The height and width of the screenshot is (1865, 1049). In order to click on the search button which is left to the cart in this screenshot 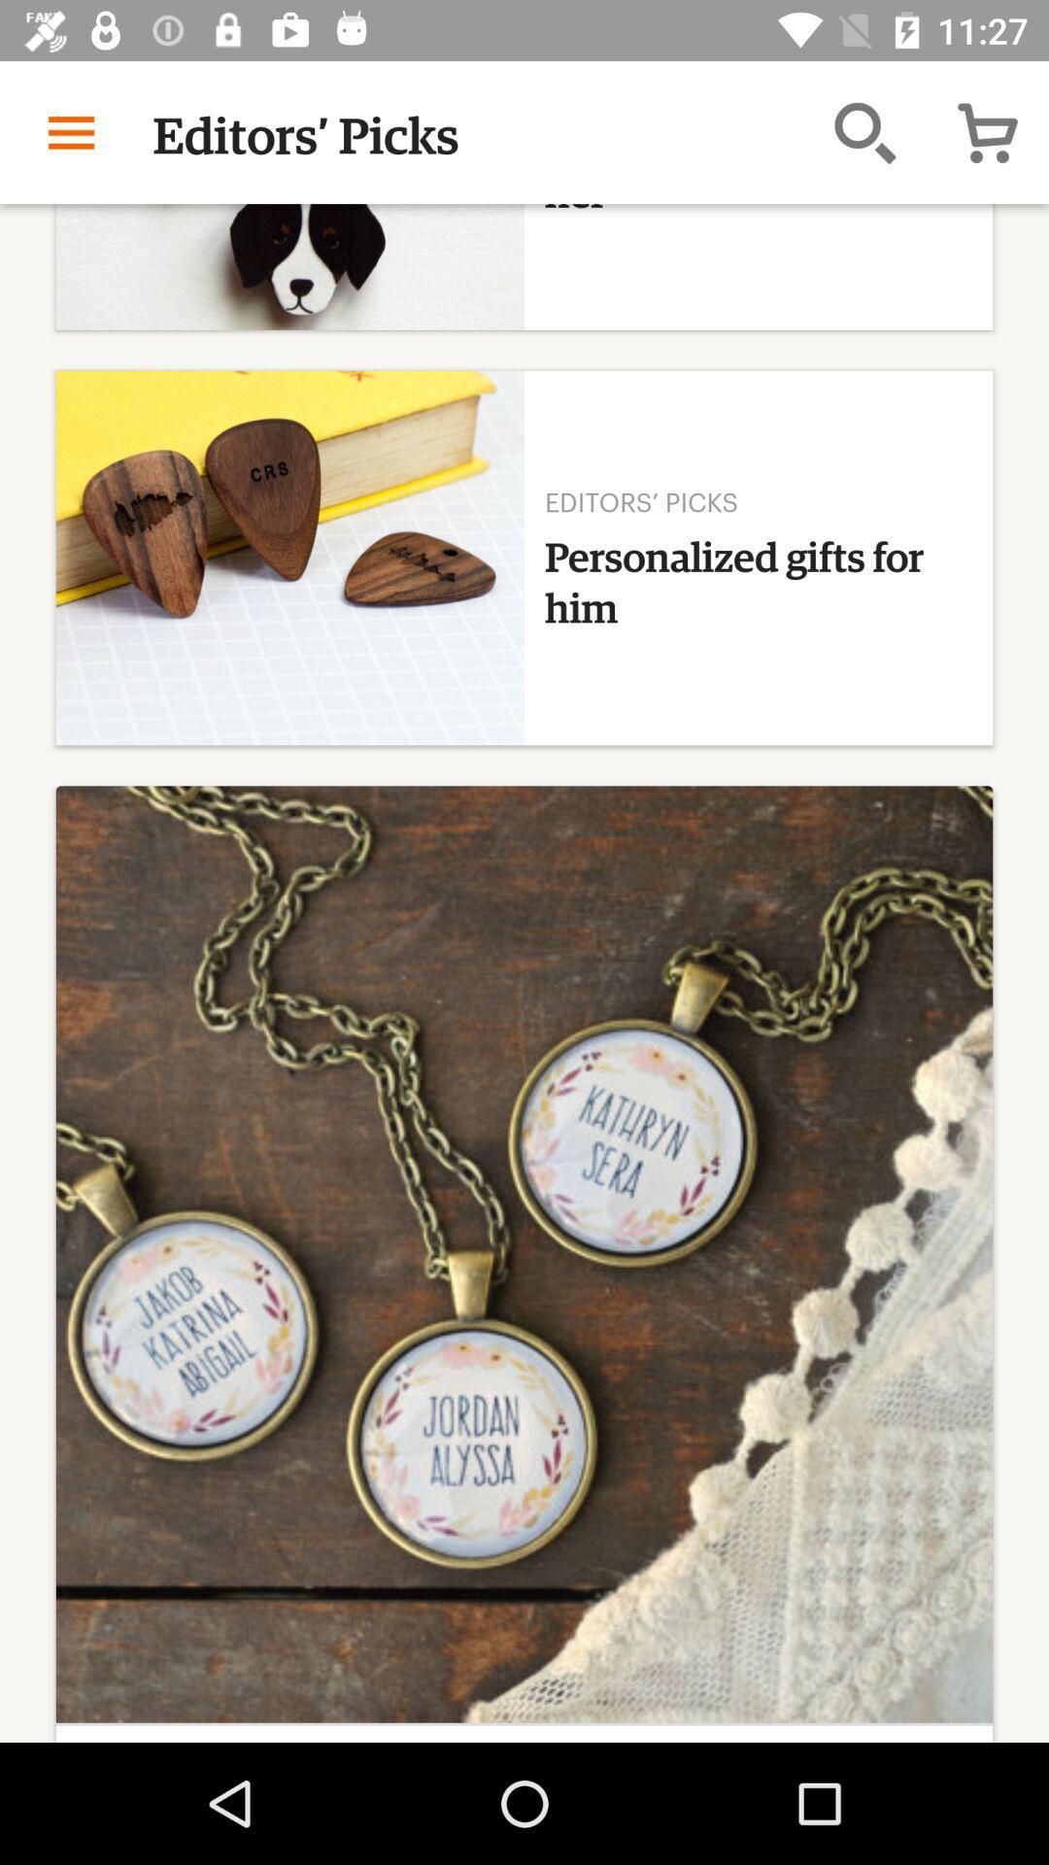, I will do `click(864, 132)`.